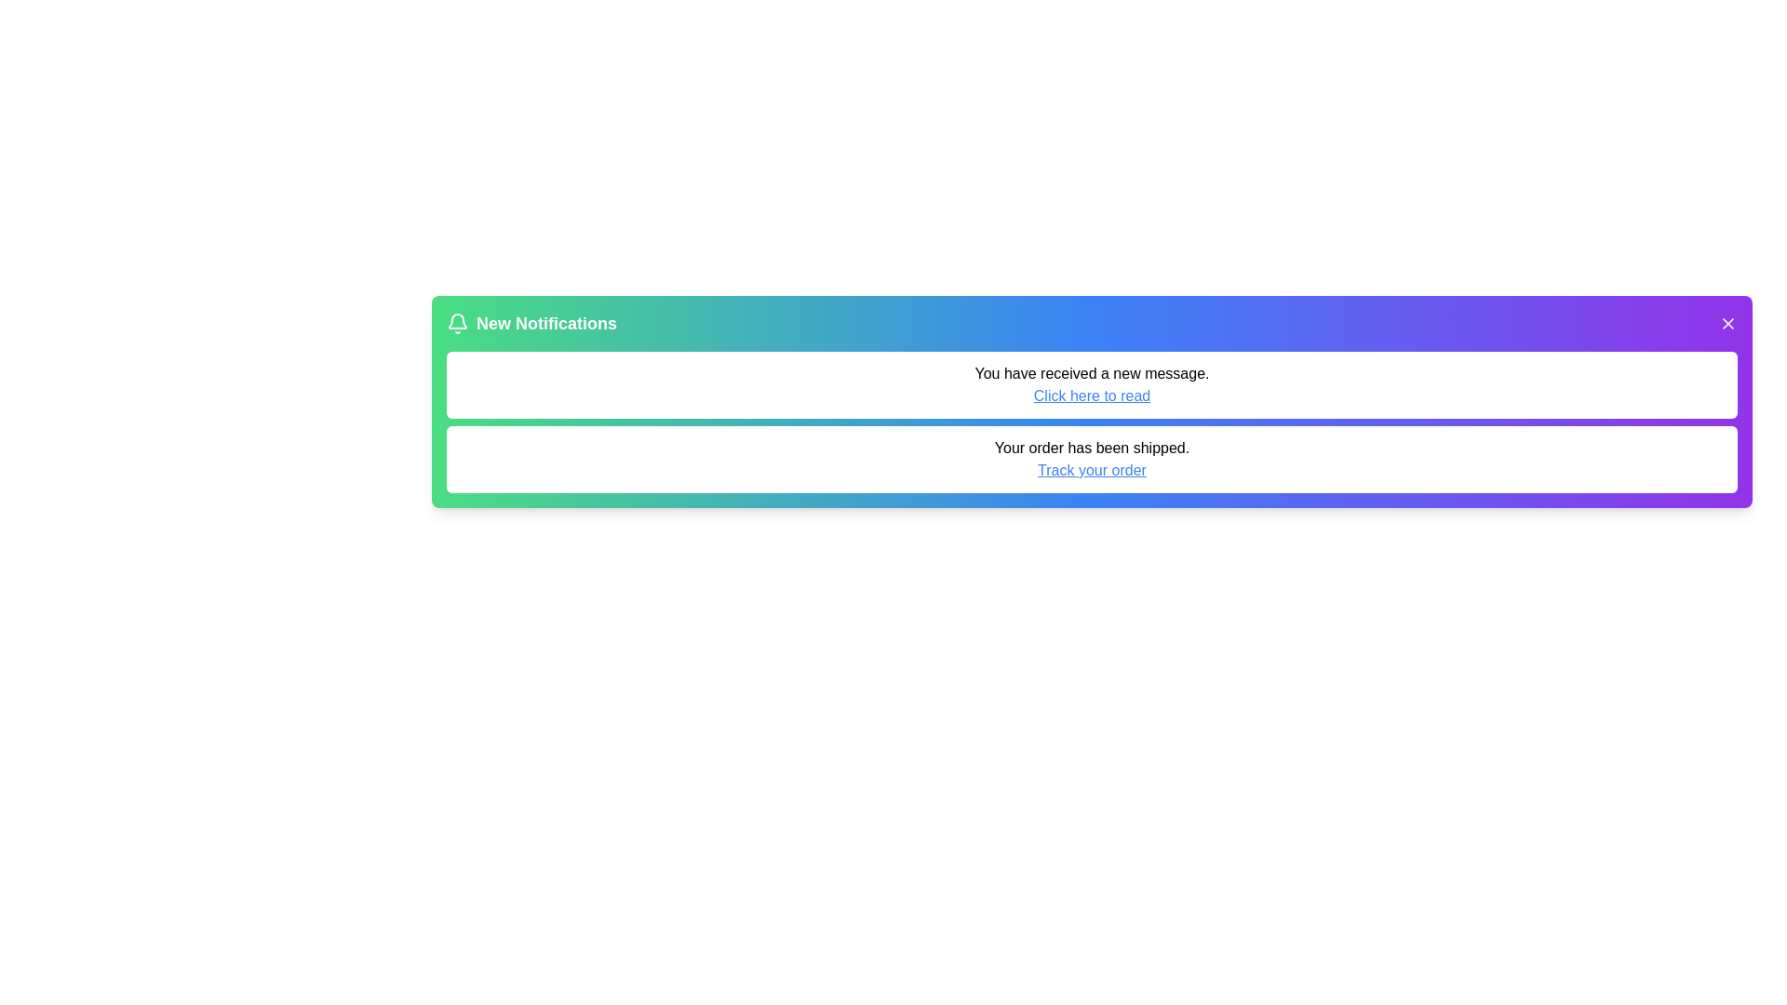 The image size is (1787, 1005). What do you see at coordinates (457, 320) in the screenshot?
I see `the minimalistic bell icon on the leftmost side of the notification header` at bounding box center [457, 320].